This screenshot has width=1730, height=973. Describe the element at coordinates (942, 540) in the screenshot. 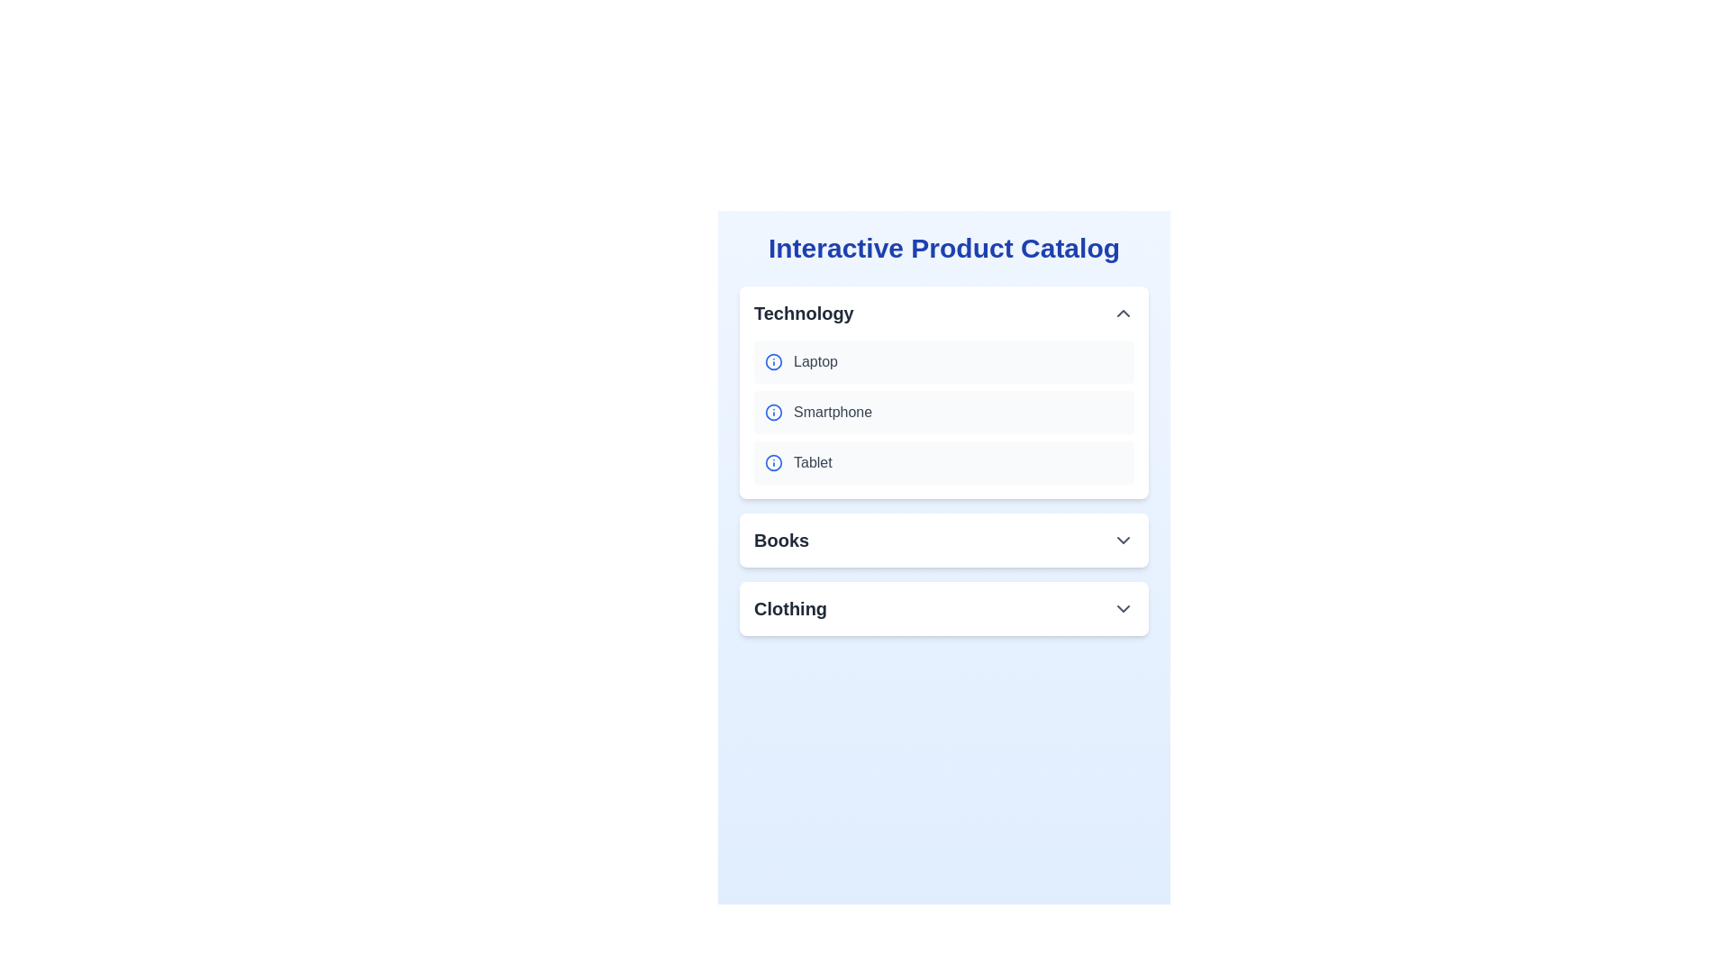

I see `the 'Books' dropdown toggle button` at that location.